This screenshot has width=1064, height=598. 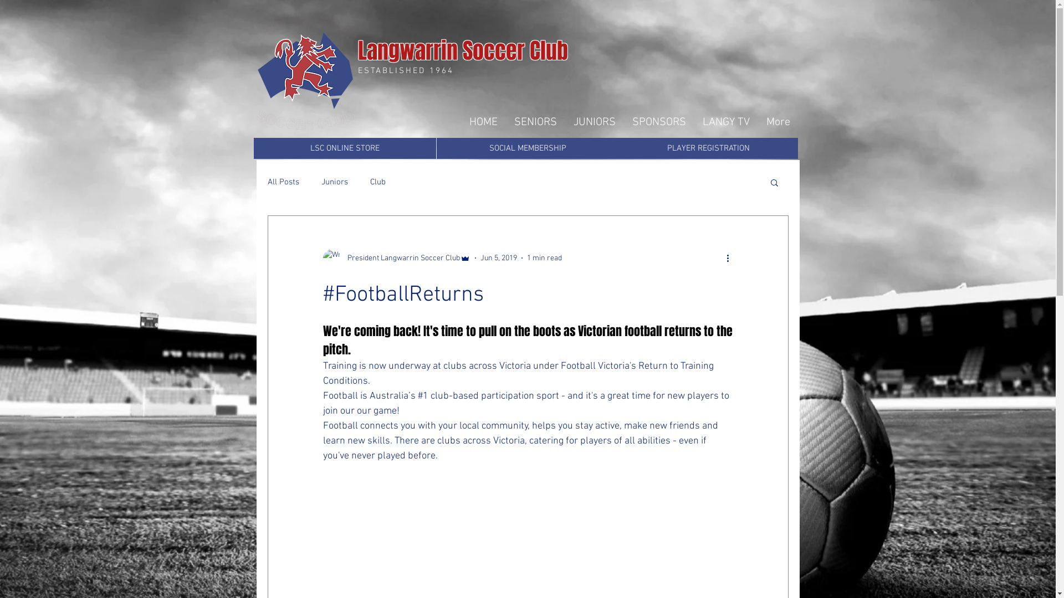 What do you see at coordinates (725, 122) in the screenshot?
I see `'LANGY TV'` at bounding box center [725, 122].